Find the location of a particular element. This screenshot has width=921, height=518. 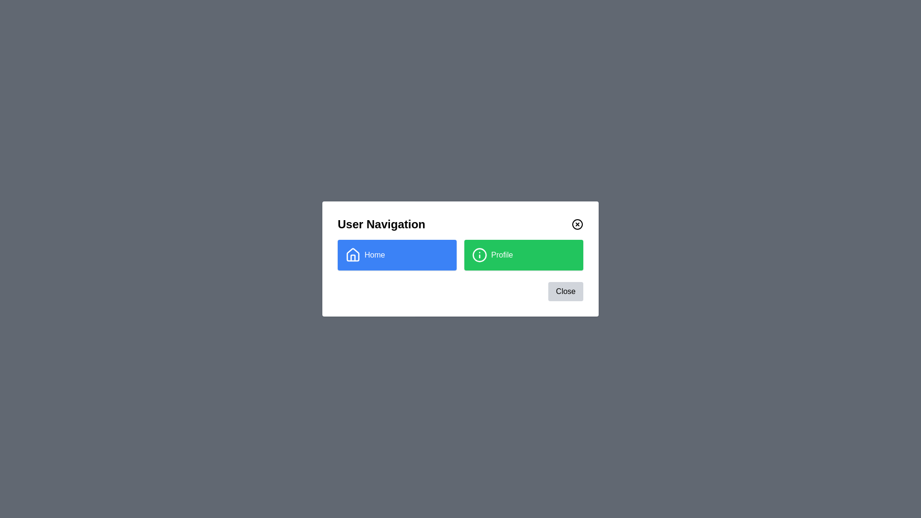

the 'Close' button in the footer of the dialog is located at coordinates (566, 291).